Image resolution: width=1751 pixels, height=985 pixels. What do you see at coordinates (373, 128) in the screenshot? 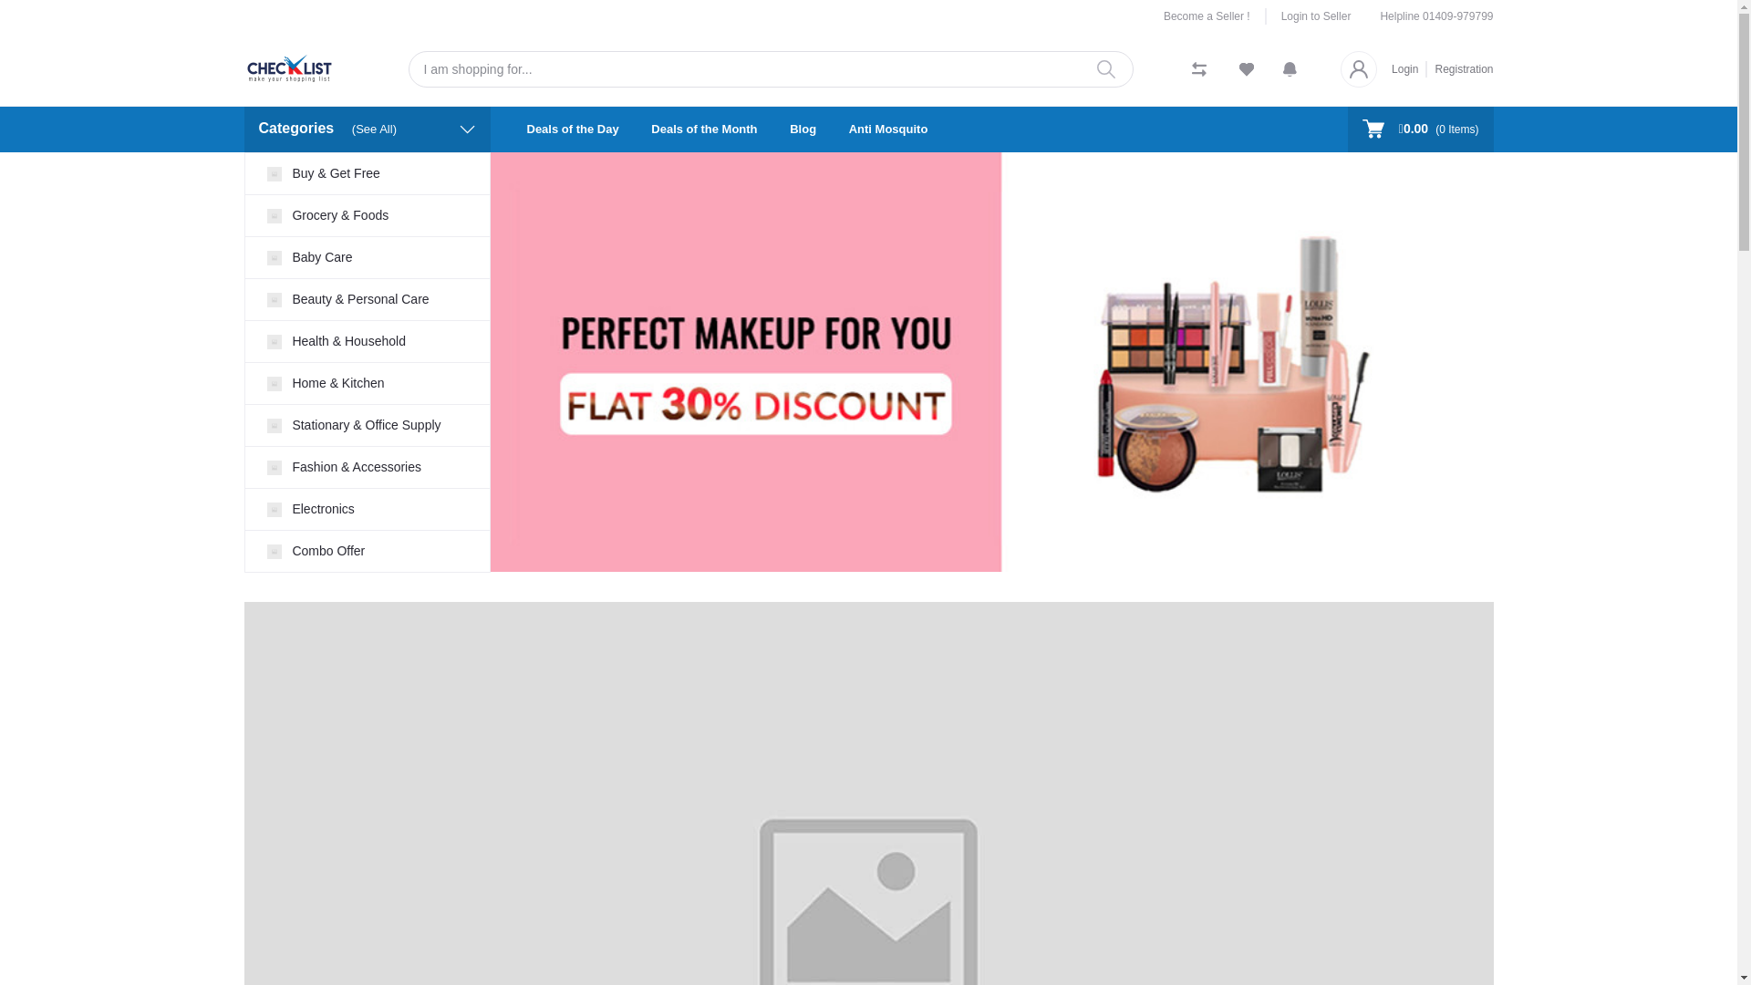
I see `'(See All)'` at bounding box center [373, 128].